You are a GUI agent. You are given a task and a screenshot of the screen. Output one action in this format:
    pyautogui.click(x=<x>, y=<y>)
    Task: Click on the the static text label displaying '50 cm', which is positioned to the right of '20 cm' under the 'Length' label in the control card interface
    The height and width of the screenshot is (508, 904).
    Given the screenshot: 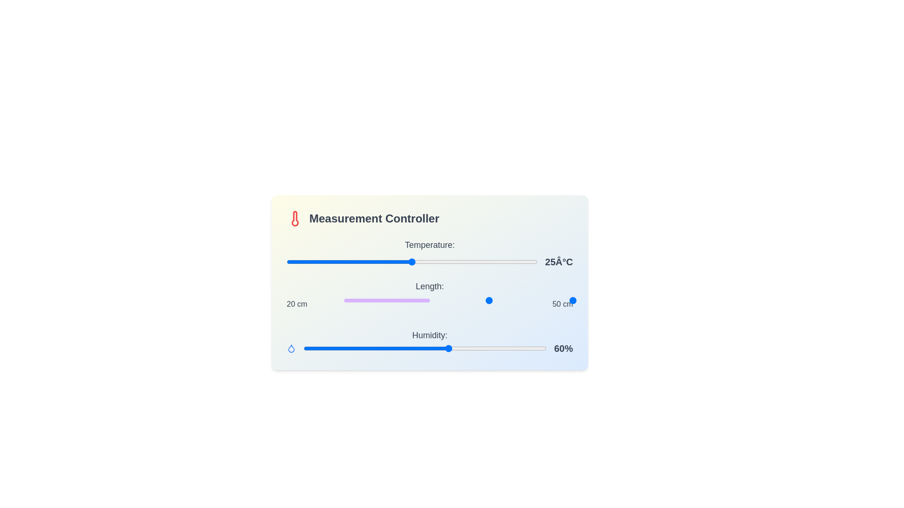 What is the action you would take?
    pyautogui.click(x=563, y=304)
    